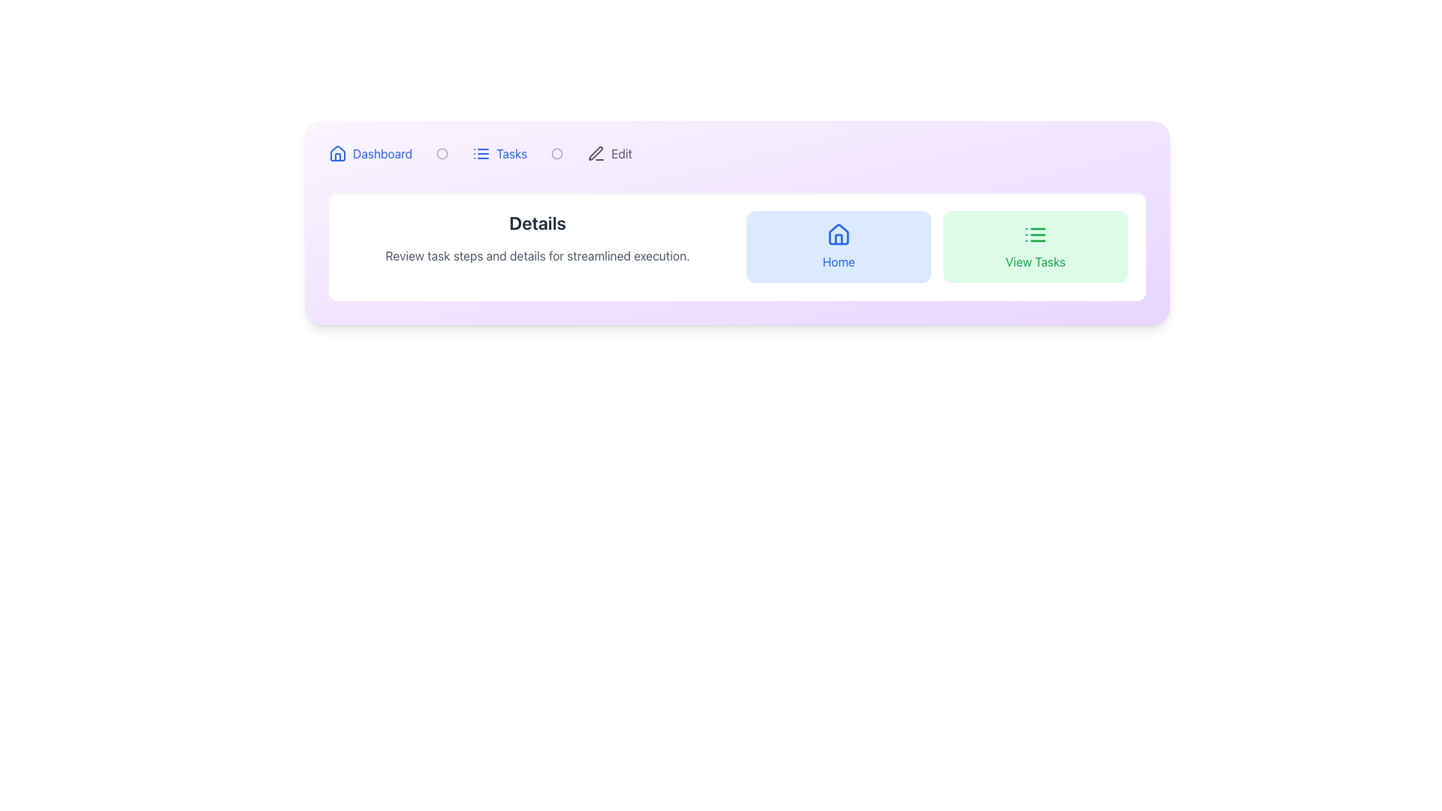 Image resolution: width=1442 pixels, height=811 pixels. What do you see at coordinates (337, 153) in the screenshot?
I see `the house icon outlined in blue, located next` at bounding box center [337, 153].